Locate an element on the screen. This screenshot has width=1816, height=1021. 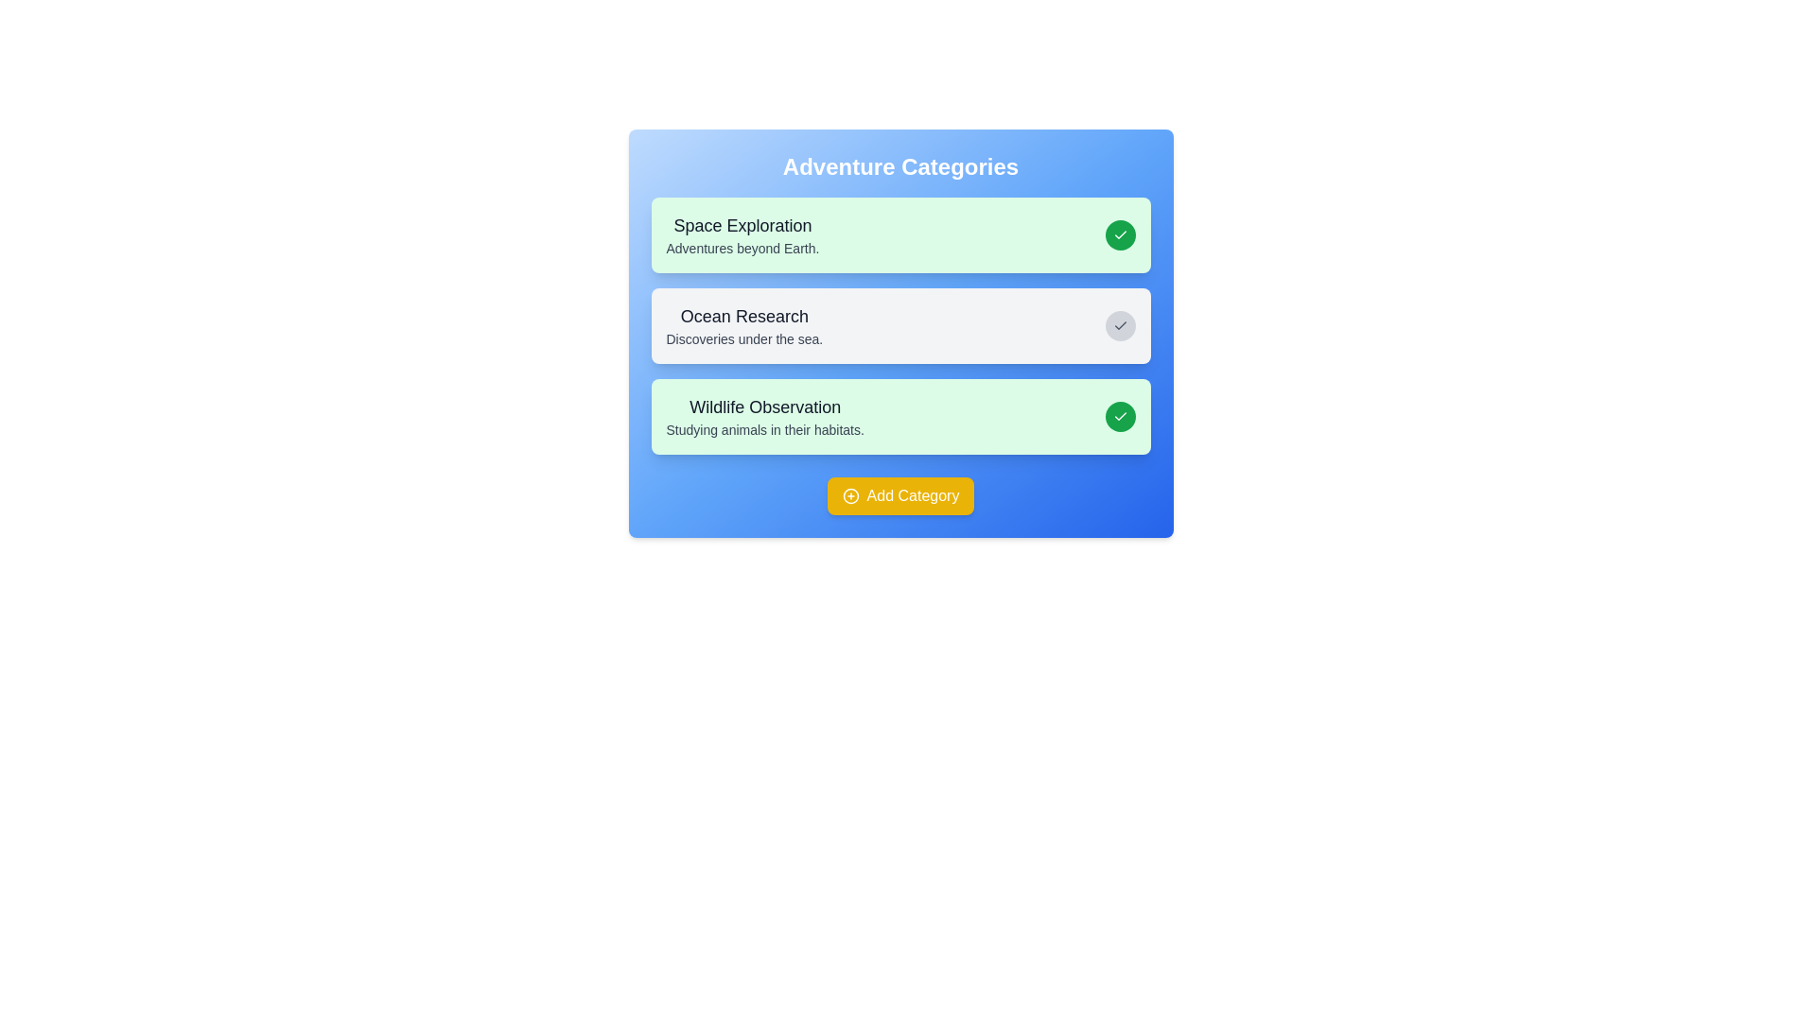
the chip labeled Wildlife Observation by clicking its checkmark is located at coordinates (1120, 415).